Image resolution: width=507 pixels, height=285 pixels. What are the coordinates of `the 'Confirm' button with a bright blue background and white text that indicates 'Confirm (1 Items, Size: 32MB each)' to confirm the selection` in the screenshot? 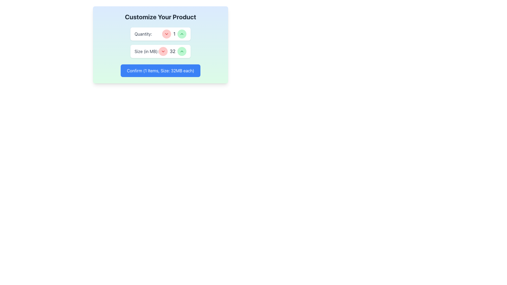 It's located at (160, 70).